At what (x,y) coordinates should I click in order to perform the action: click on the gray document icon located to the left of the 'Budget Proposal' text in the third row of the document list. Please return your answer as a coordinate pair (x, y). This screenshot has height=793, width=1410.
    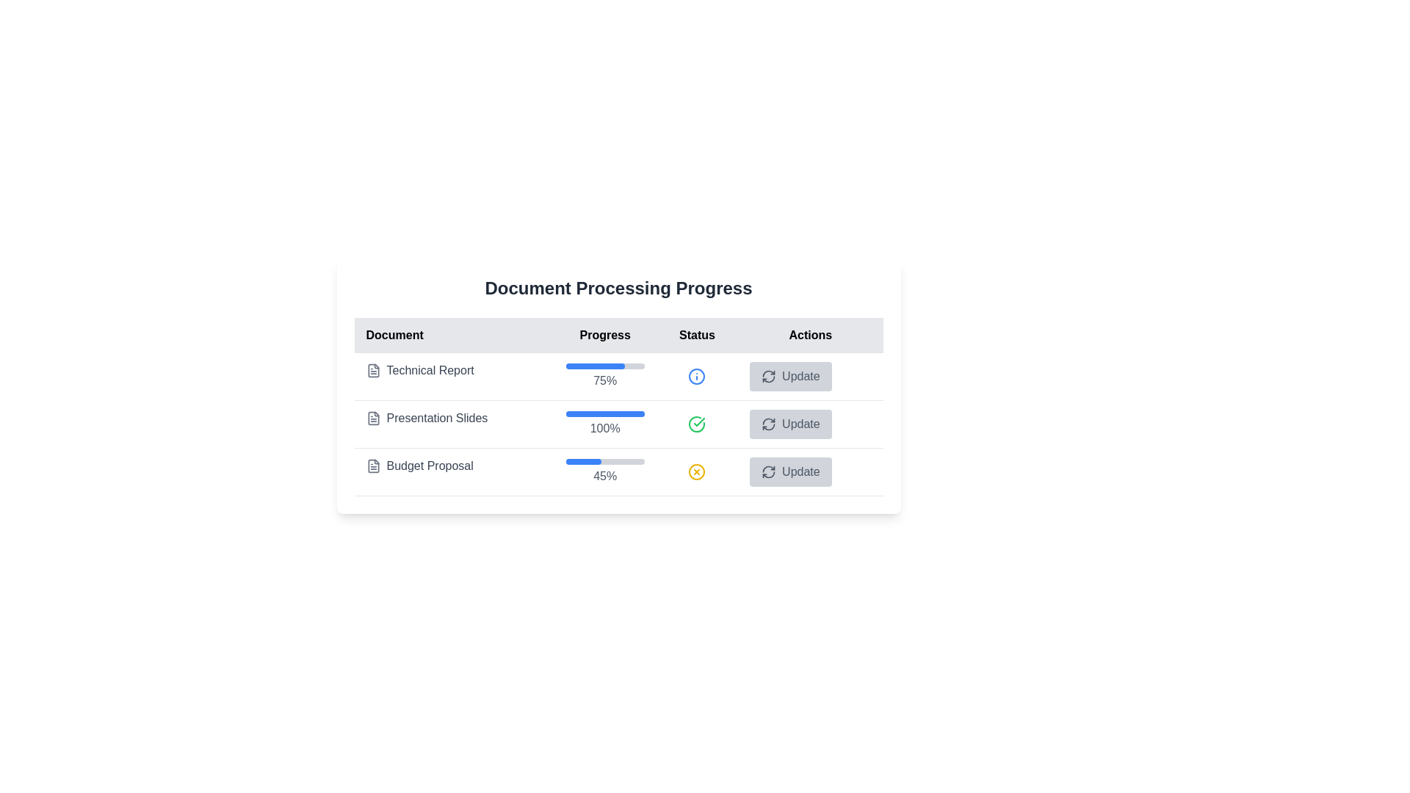
    Looking at the image, I should click on (373, 466).